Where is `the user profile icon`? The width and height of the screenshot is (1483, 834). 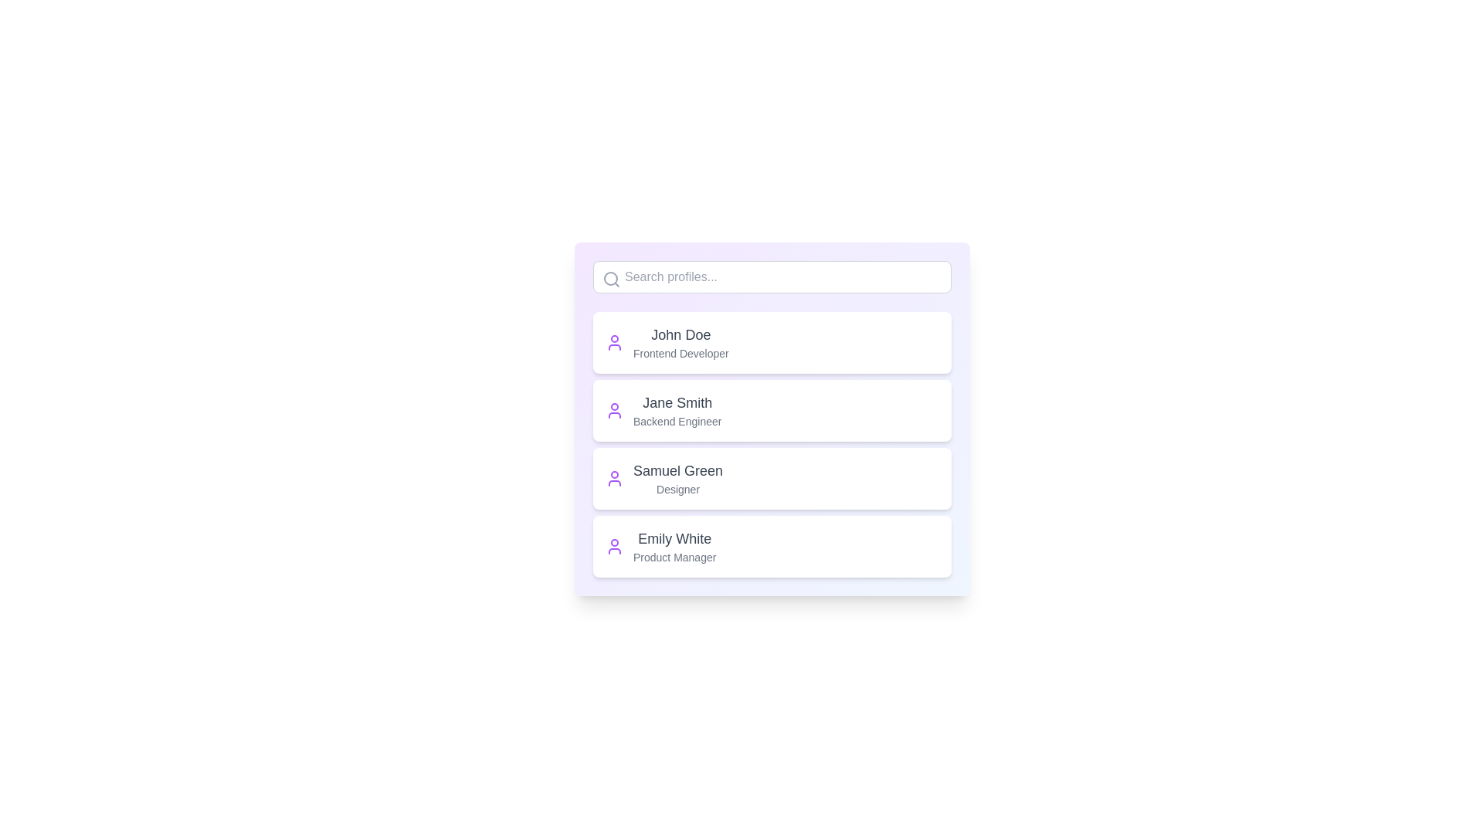 the user profile icon is located at coordinates (614, 410).